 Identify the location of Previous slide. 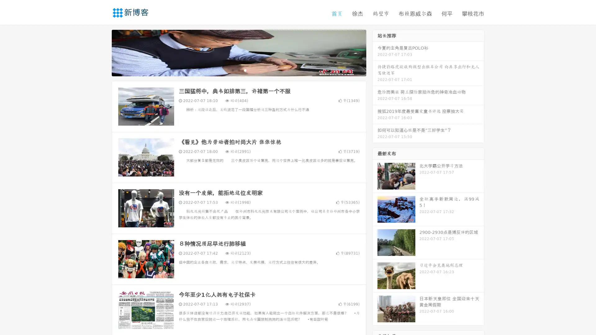
(102, 52).